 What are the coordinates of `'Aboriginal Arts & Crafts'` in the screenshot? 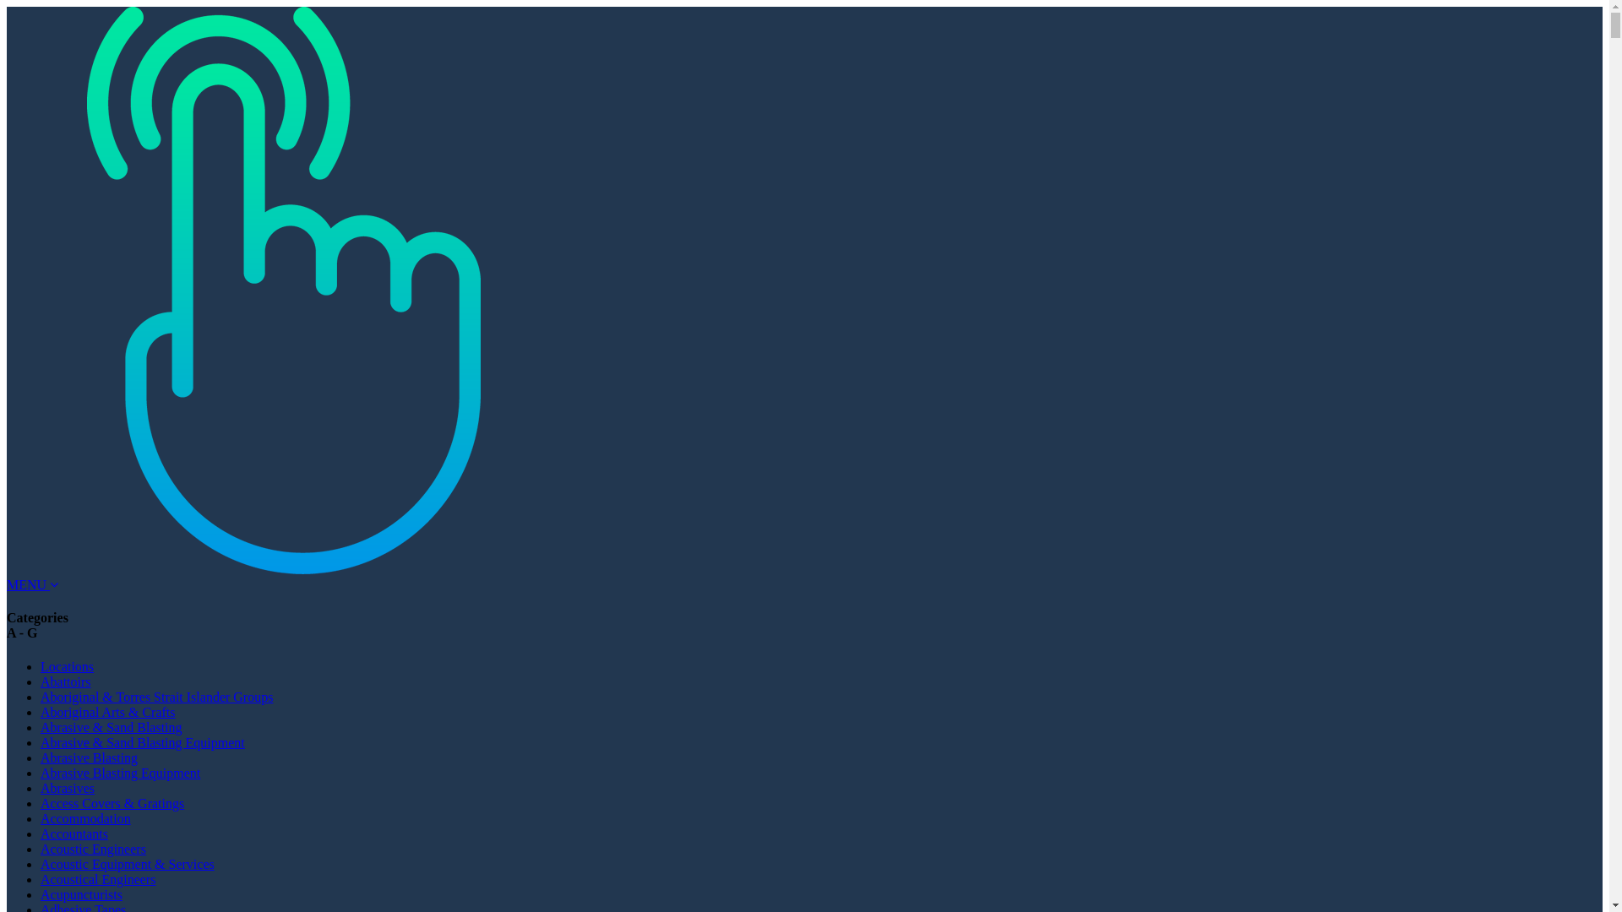 It's located at (107, 712).